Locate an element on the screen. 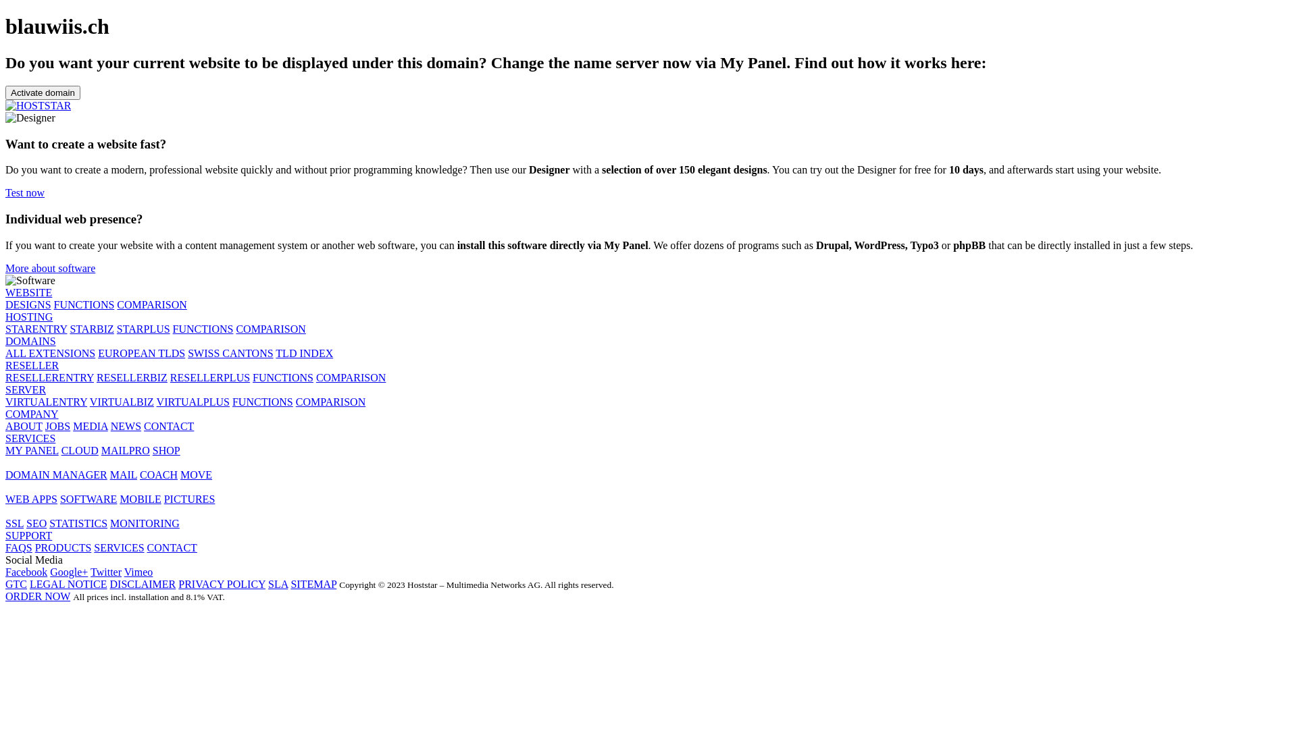 The height and width of the screenshot is (729, 1297). 'COMPANY' is located at coordinates (32, 413).